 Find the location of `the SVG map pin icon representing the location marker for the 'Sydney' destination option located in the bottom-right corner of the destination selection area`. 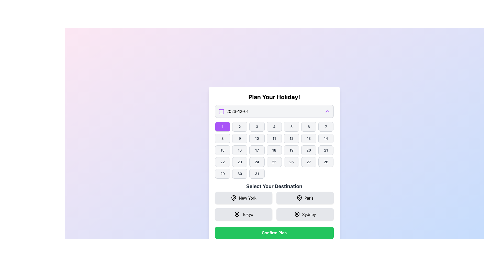

the SVG map pin icon representing the location marker for the 'Sydney' destination option located in the bottom-right corner of the destination selection area is located at coordinates (297, 214).